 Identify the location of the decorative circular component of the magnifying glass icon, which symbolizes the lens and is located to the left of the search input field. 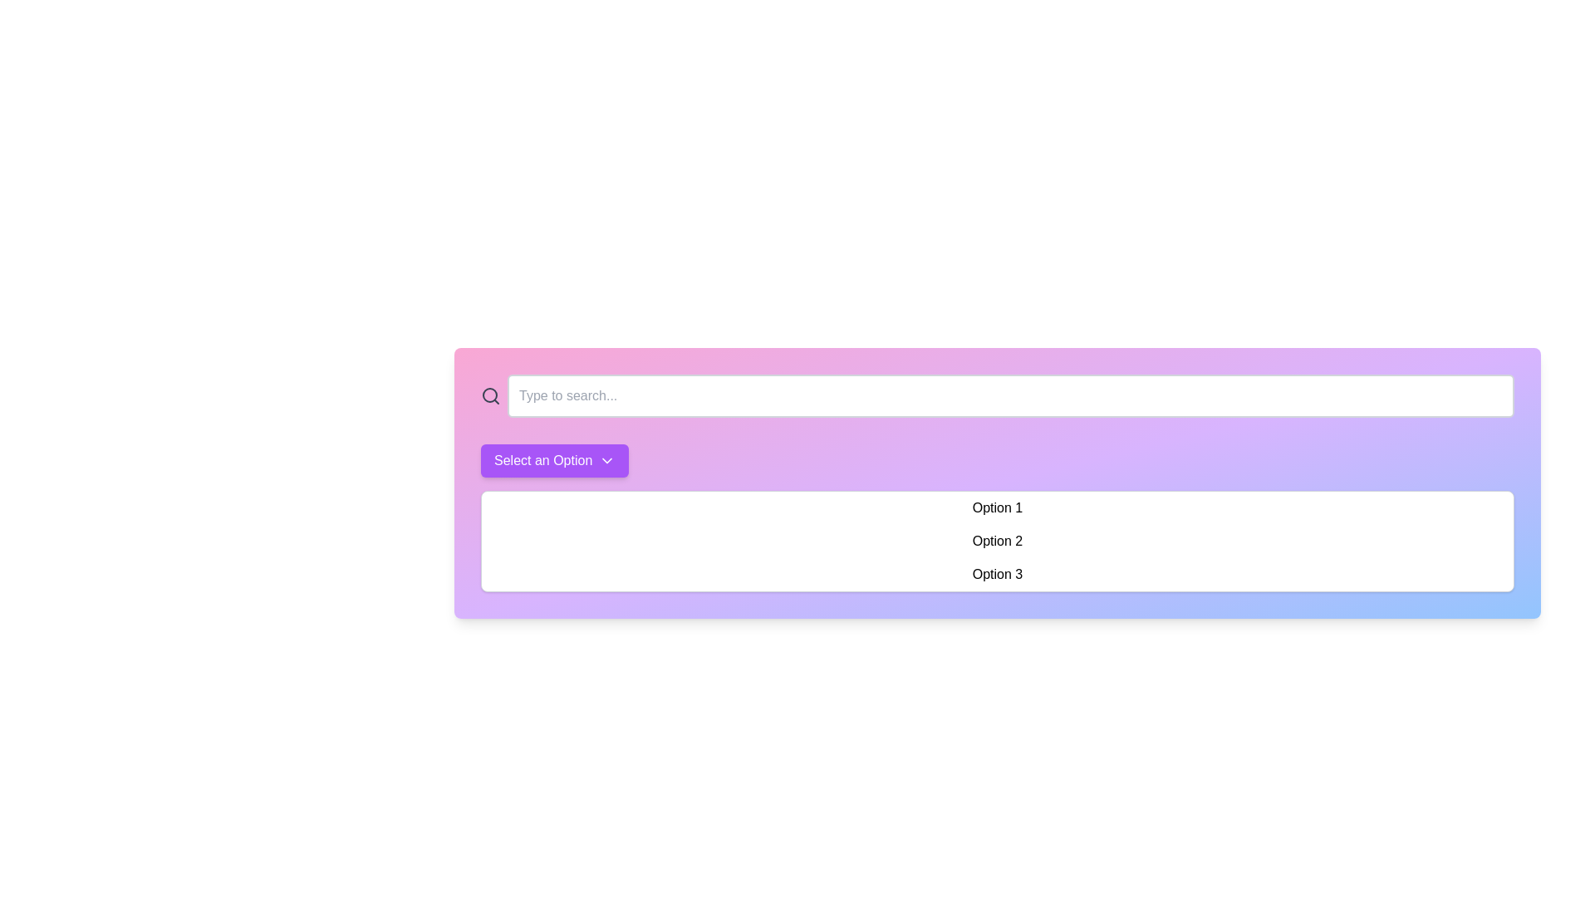
(489, 395).